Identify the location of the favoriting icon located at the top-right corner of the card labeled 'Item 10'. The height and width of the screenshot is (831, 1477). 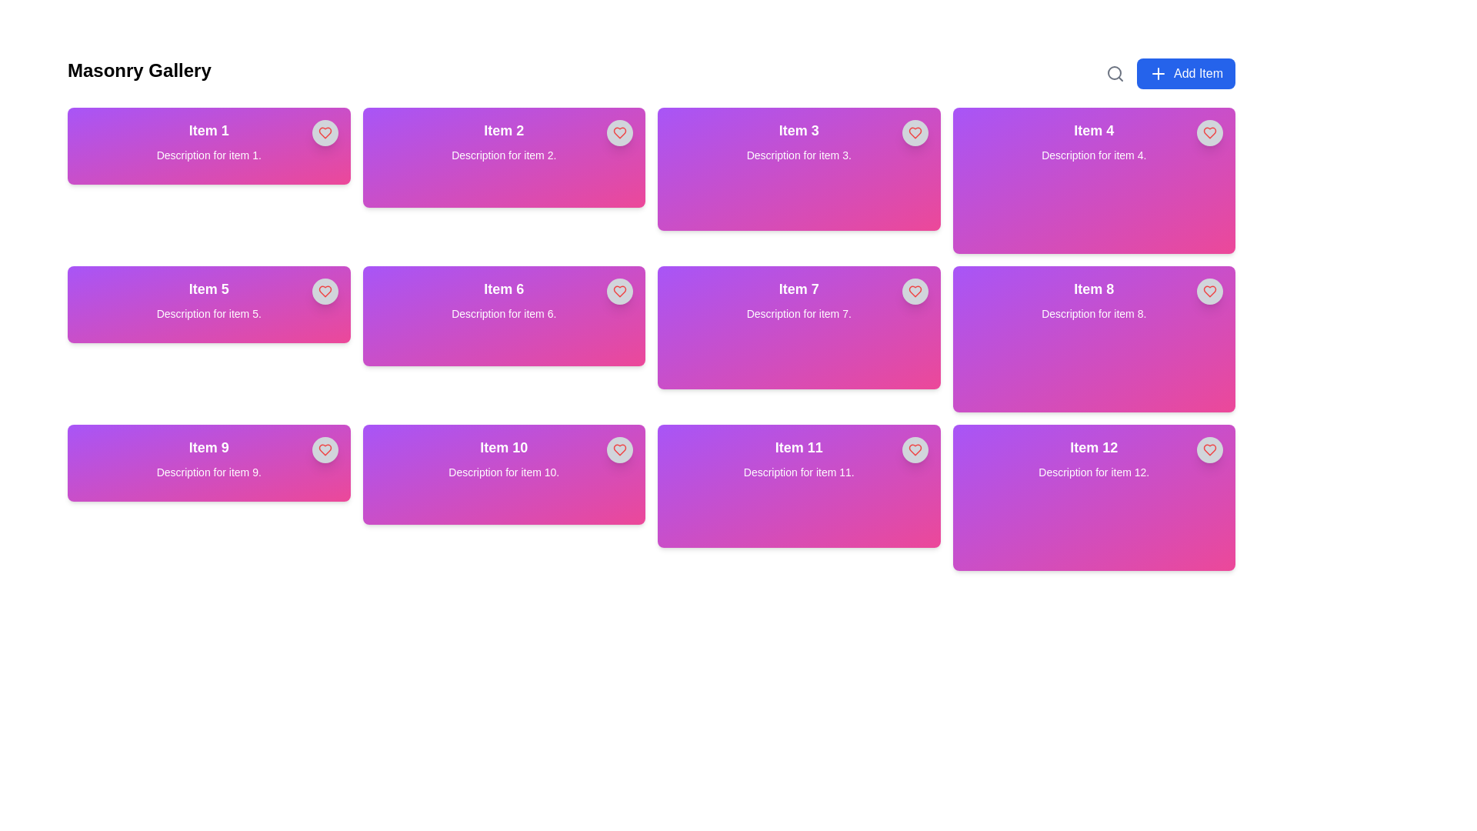
(620, 450).